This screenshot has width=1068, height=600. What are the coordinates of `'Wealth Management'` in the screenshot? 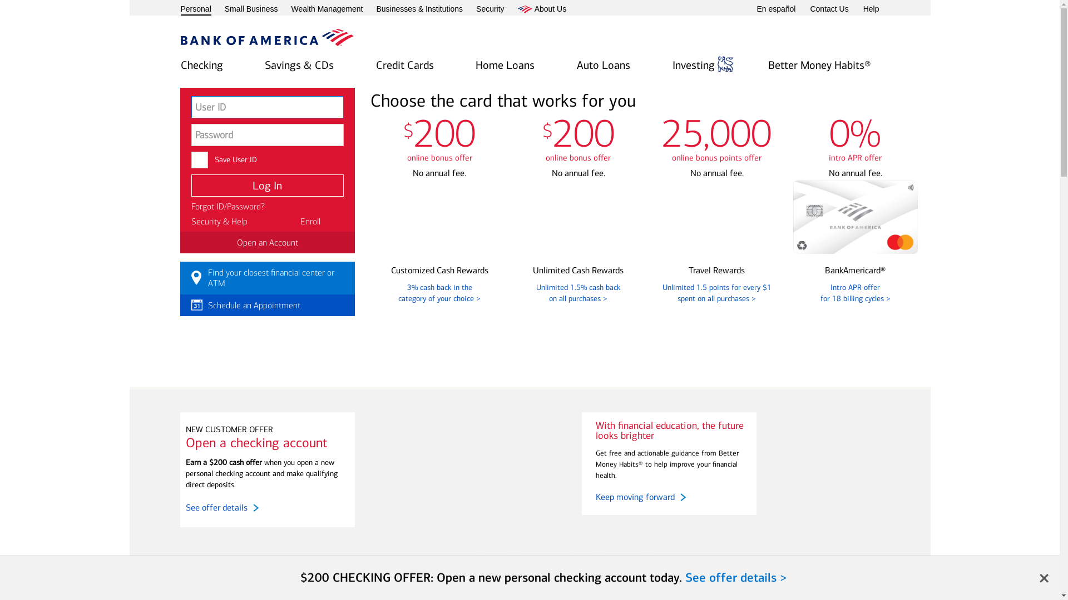 It's located at (326, 9).